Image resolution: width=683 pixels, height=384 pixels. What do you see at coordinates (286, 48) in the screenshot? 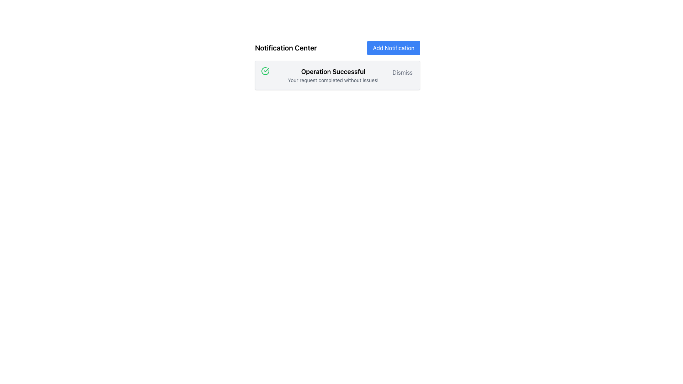
I see `the static text label that serves as a header for the notification section, located on the left side of the layout, above the notification message area` at bounding box center [286, 48].